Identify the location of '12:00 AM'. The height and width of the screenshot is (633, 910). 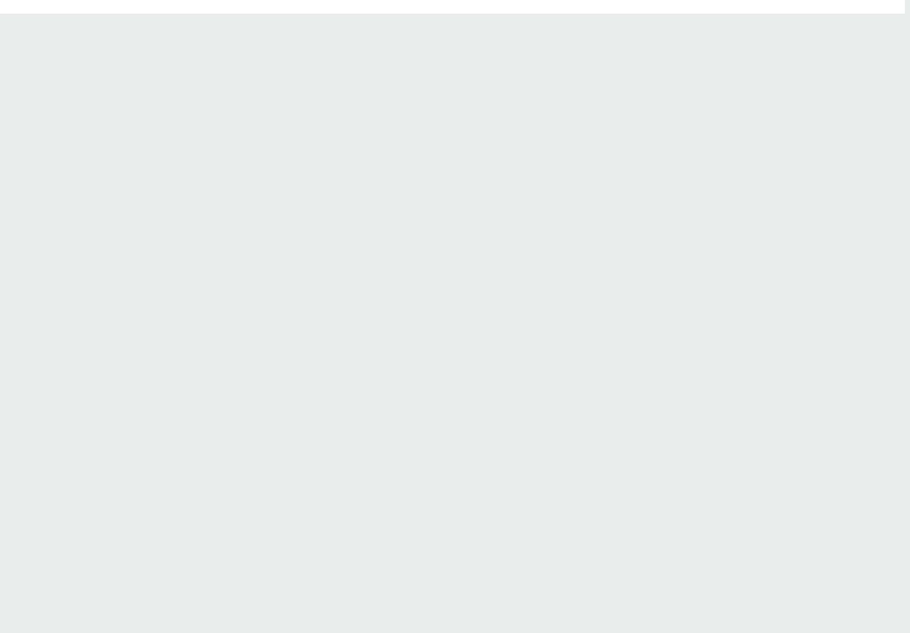
(130, 224).